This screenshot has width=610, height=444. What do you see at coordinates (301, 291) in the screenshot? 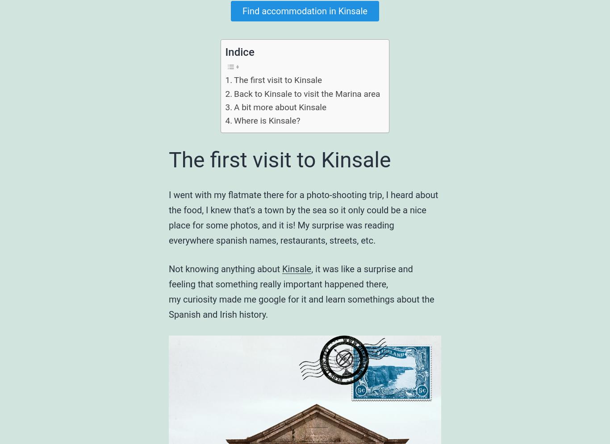
I see `', it was like a surprise and feeling that something really important happened there, my curiosity made me google for it and learn somethings about the Spanish and Irish history.'` at bounding box center [301, 291].